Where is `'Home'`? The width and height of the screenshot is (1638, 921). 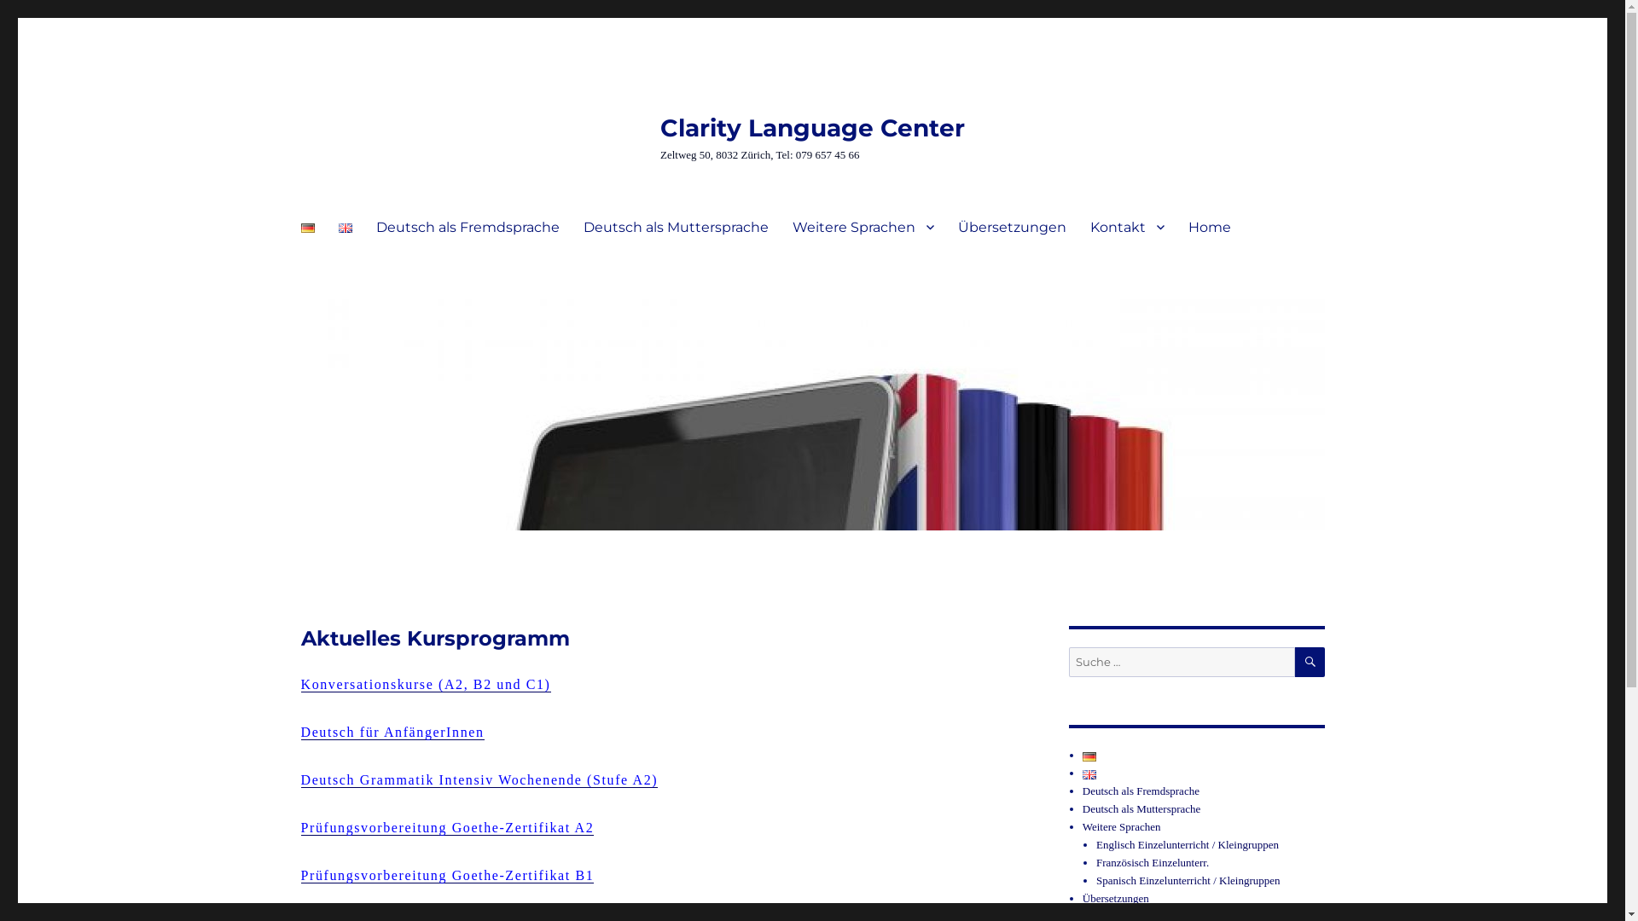 'Home' is located at coordinates (1207, 226).